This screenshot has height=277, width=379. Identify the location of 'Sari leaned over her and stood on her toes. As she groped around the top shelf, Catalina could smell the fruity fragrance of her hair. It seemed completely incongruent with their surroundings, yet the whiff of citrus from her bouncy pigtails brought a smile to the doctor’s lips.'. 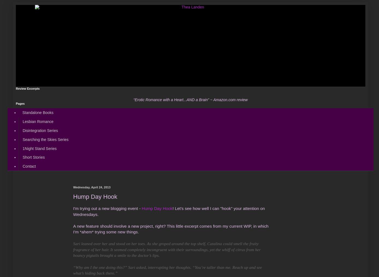
(167, 249).